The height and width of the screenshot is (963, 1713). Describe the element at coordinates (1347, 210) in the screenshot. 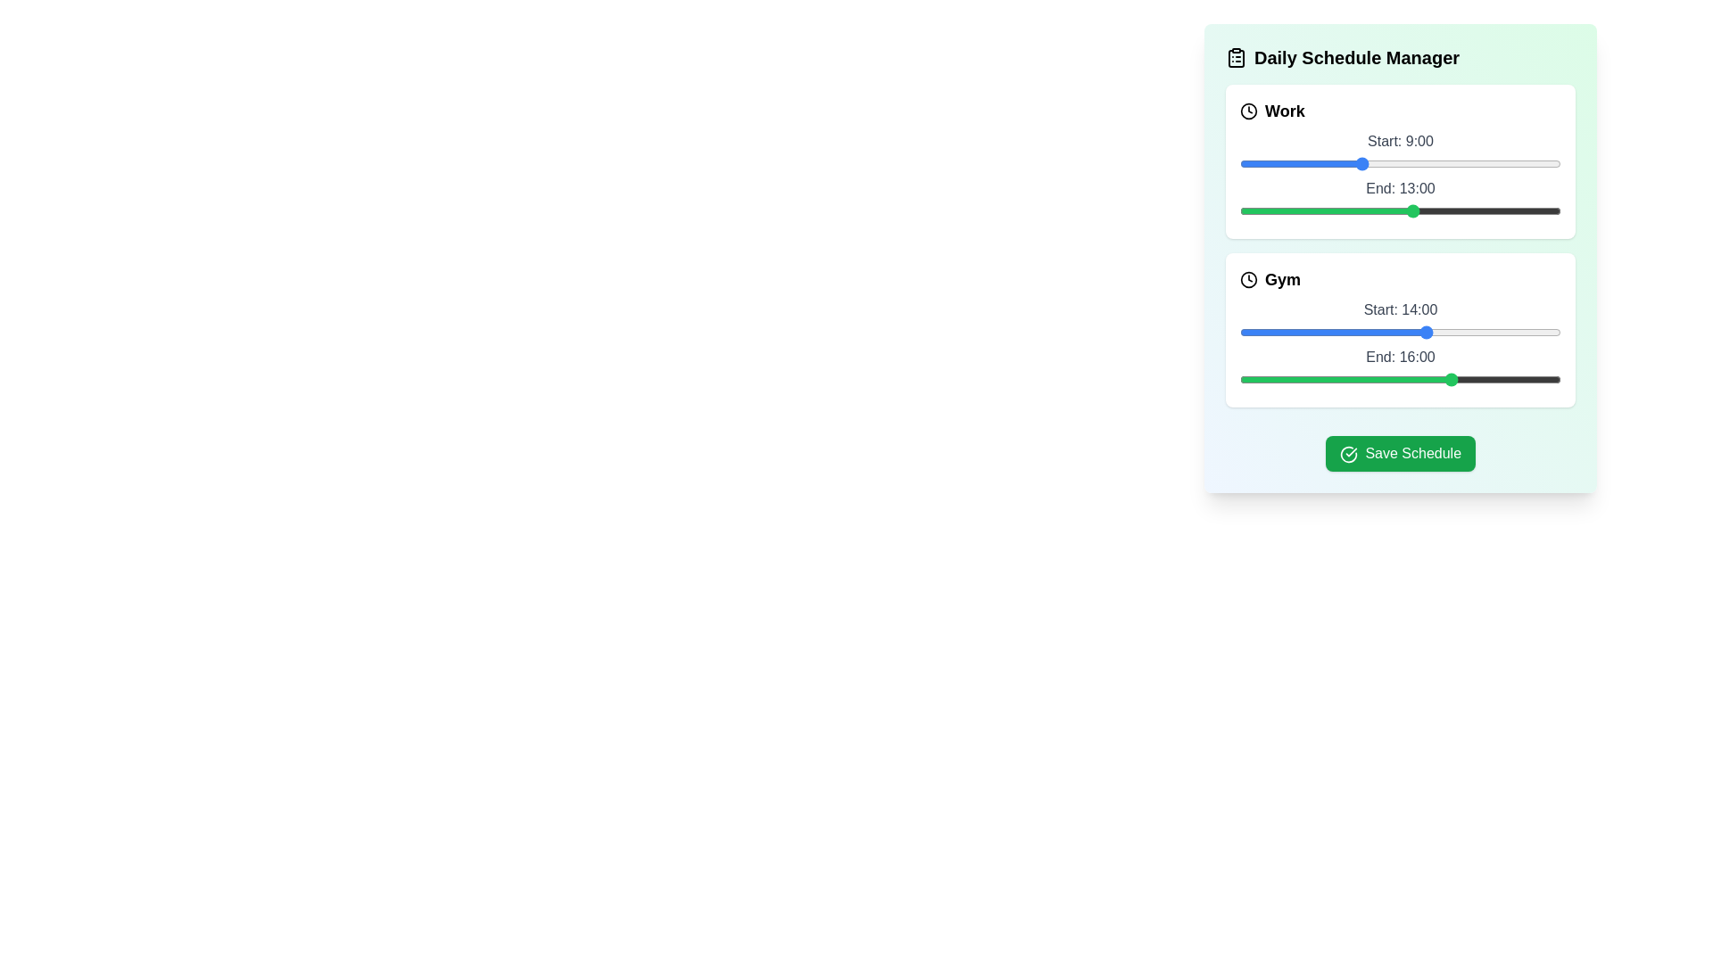

I see `the end time of the task to 8 hours using the slider` at that location.